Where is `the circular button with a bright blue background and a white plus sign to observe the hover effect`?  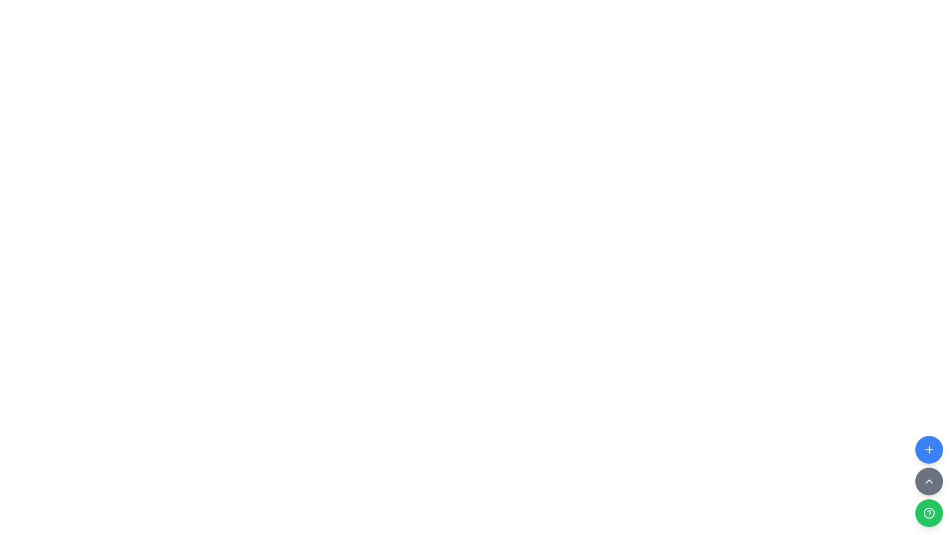
the circular button with a bright blue background and a white plus sign to observe the hover effect is located at coordinates (929, 449).